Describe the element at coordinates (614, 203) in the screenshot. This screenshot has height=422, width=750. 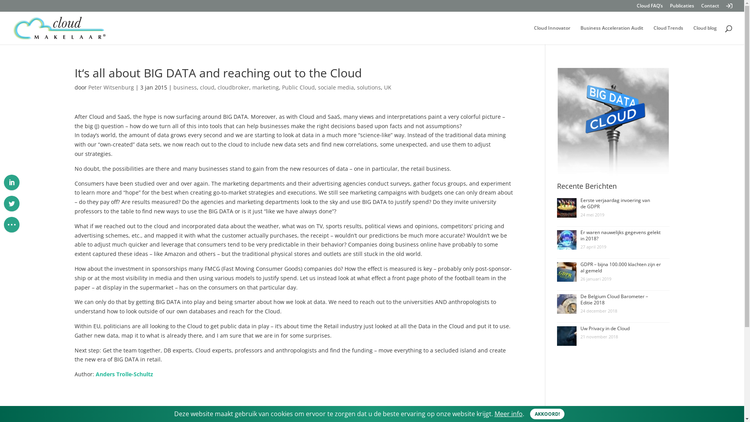
I see `'Eerste verjaardag invoering van de GDPR'` at that location.